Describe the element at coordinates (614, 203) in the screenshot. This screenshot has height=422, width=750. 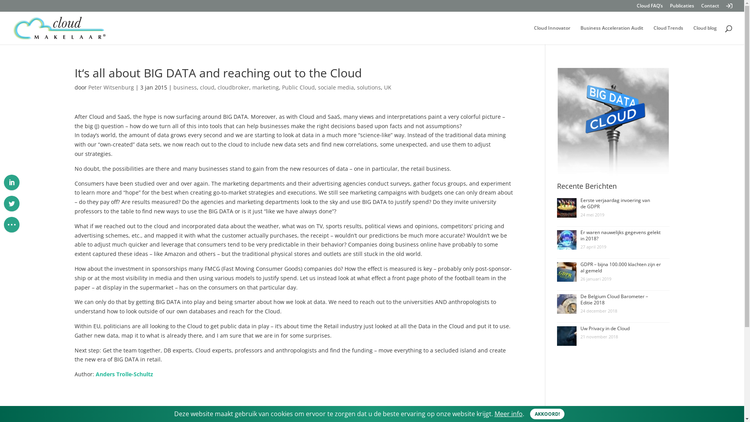
I see `'Eerste verjaardag invoering van de GDPR'` at that location.